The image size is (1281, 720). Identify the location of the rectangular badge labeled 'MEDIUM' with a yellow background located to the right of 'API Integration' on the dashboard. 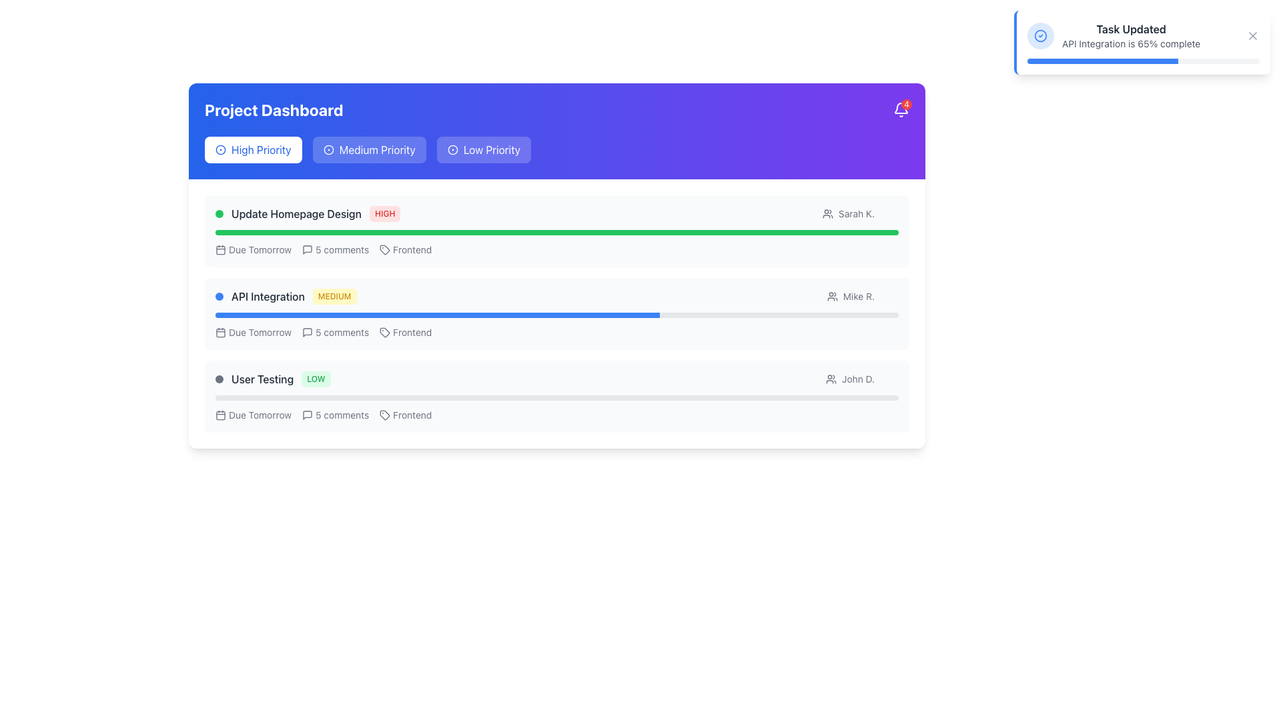
(334, 295).